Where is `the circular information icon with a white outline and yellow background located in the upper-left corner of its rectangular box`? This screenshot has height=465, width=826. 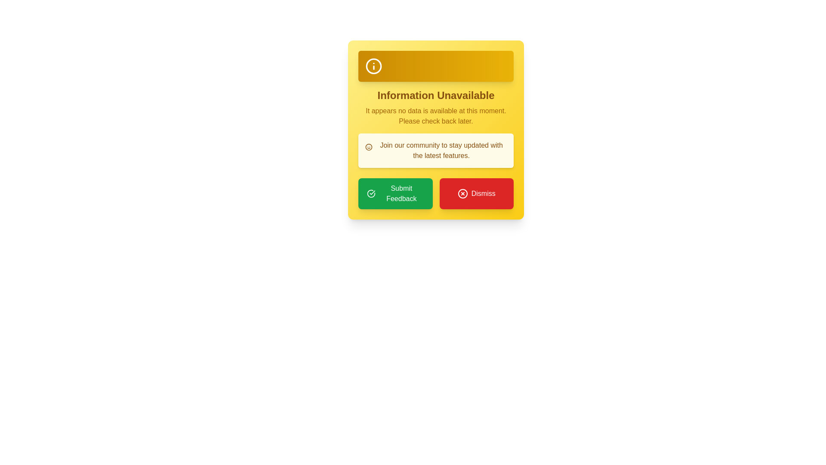 the circular information icon with a white outline and yellow background located in the upper-left corner of its rectangular box is located at coordinates (373, 66).